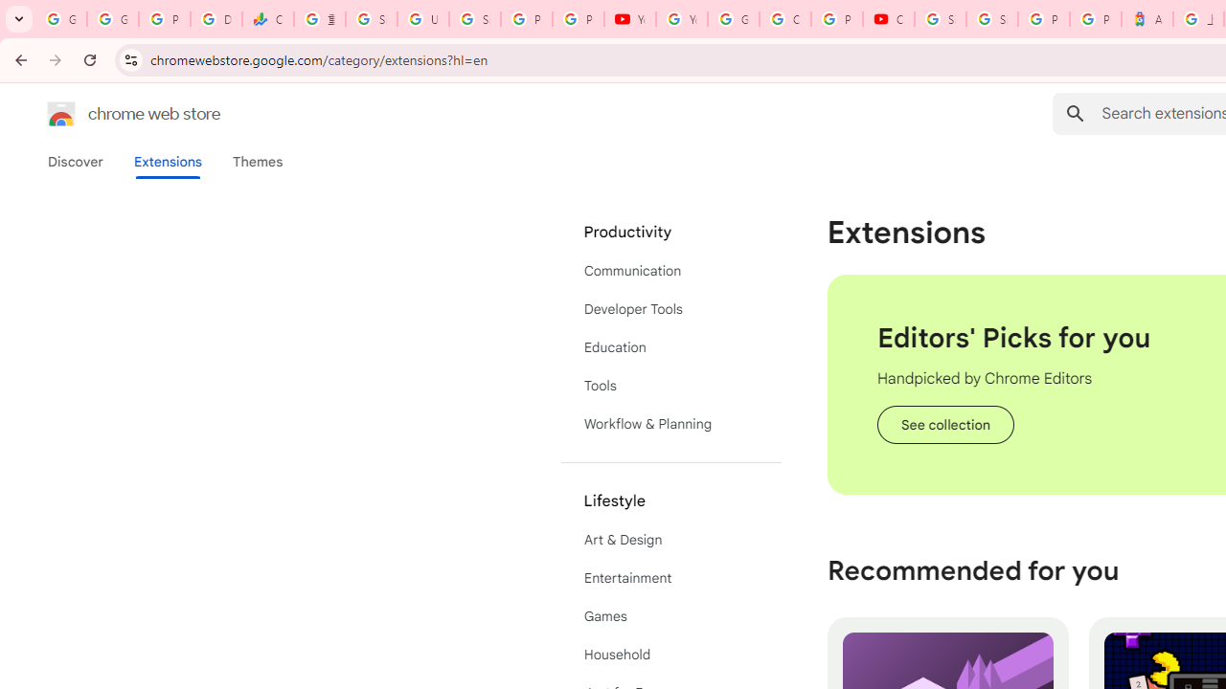 This screenshot has width=1226, height=689. I want to click on 'Sign in - Google Accounts', so click(992, 19).